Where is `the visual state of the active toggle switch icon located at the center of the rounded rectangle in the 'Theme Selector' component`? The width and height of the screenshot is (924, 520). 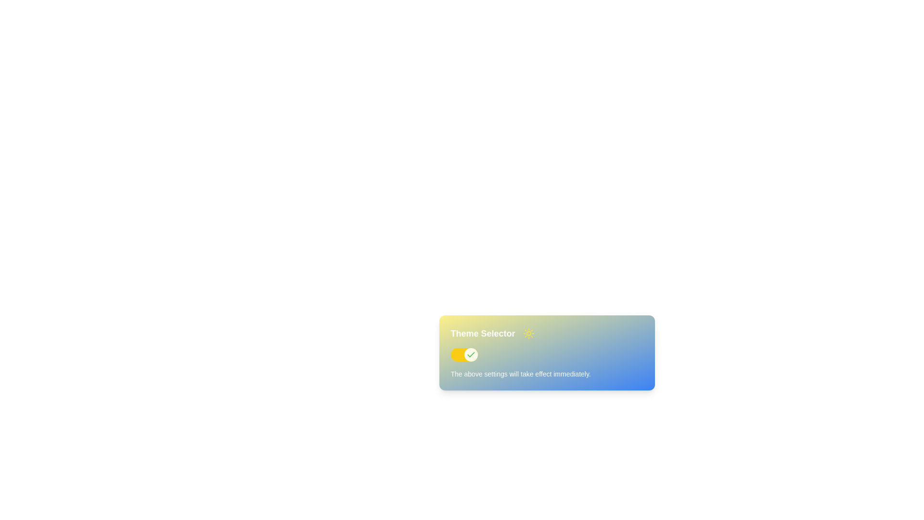
the visual state of the active toggle switch icon located at the center of the rounded rectangle in the 'Theme Selector' component is located at coordinates (471, 354).